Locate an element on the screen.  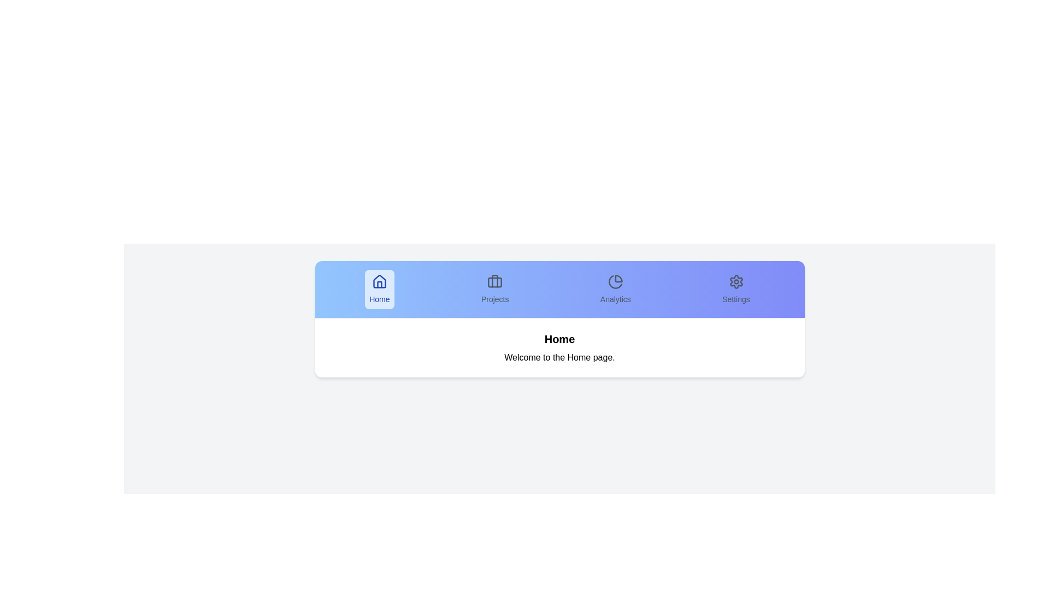
the tab labeled Home to switch to that tab is located at coordinates (379, 288).